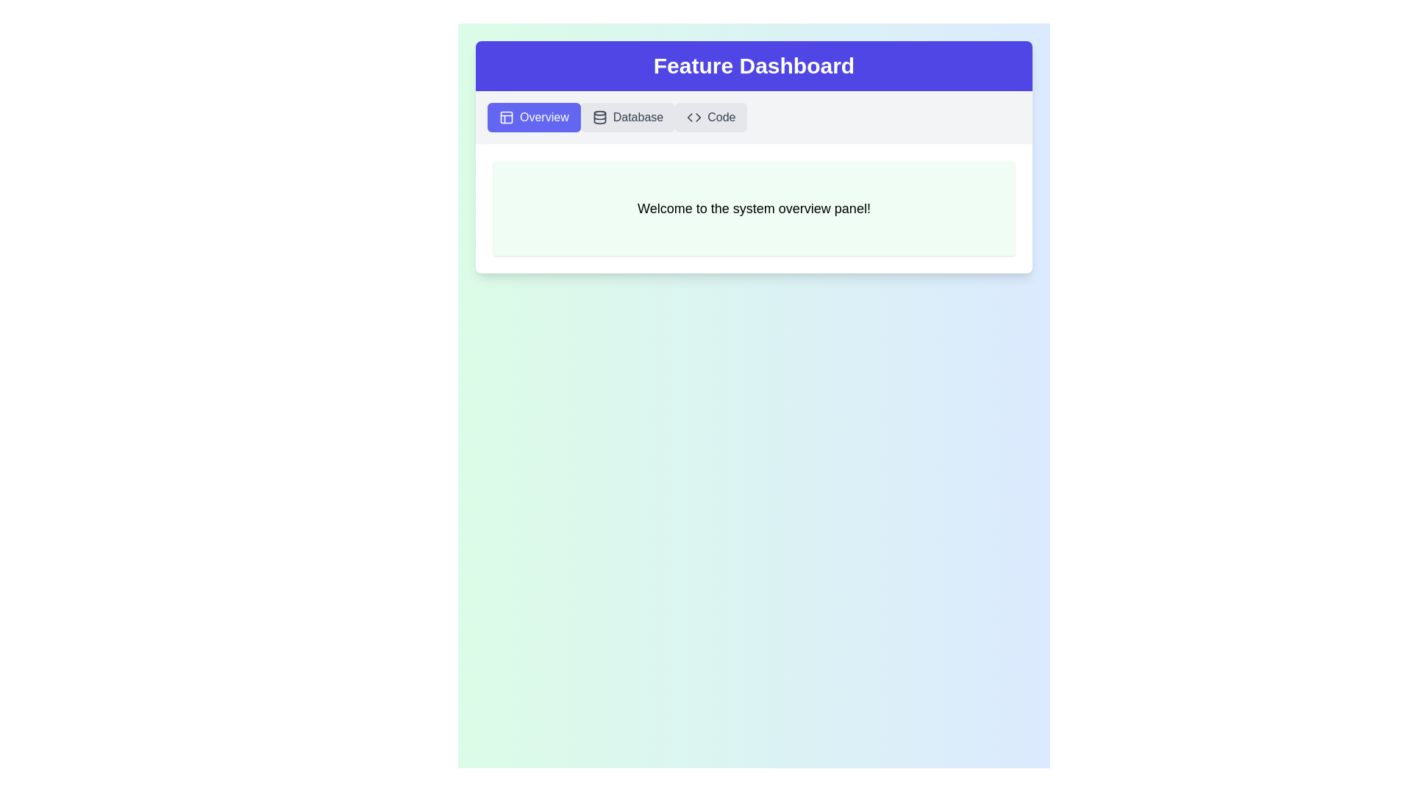 The width and height of the screenshot is (1412, 794). I want to click on the small, square-like icon with a grid-like design located within the left side of the 'Overview' tab in the navigation bar, which is positioned to the left of the text 'Overview', so click(507, 116).